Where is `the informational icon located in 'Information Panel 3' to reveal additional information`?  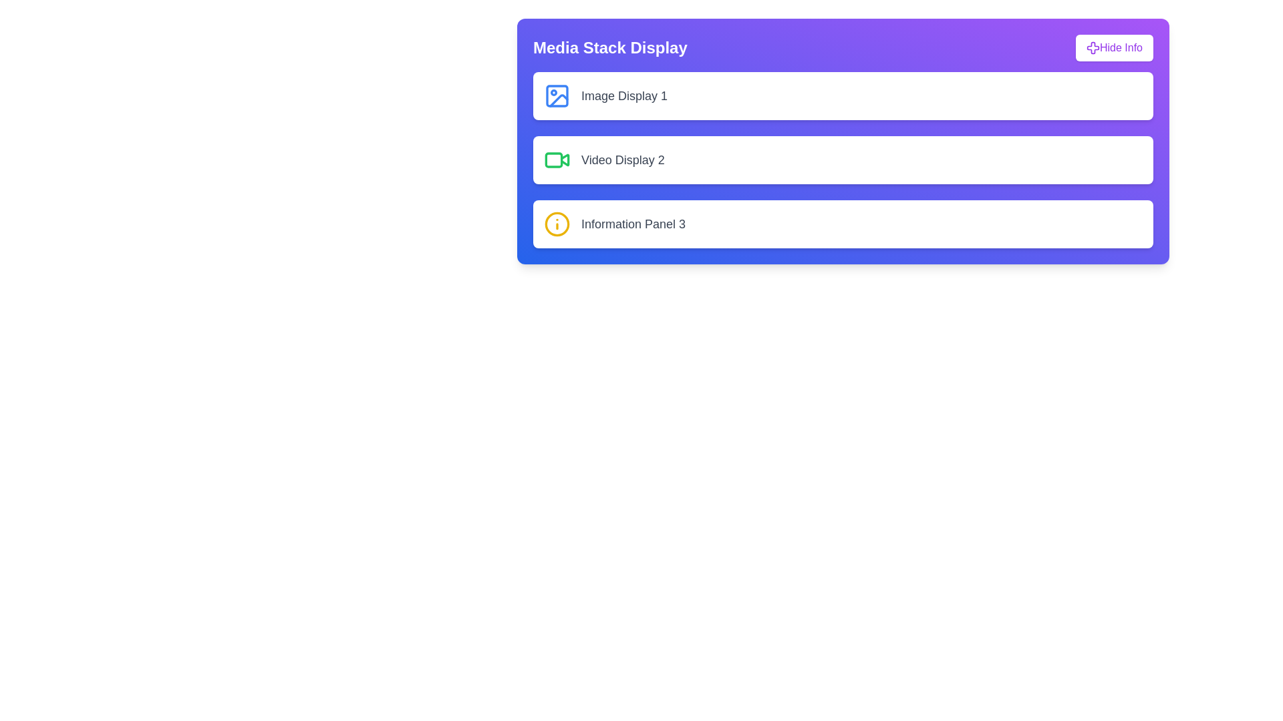
the informational icon located in 'Information Panel 3' to reveal additional information is located at coordinates (557, 223).